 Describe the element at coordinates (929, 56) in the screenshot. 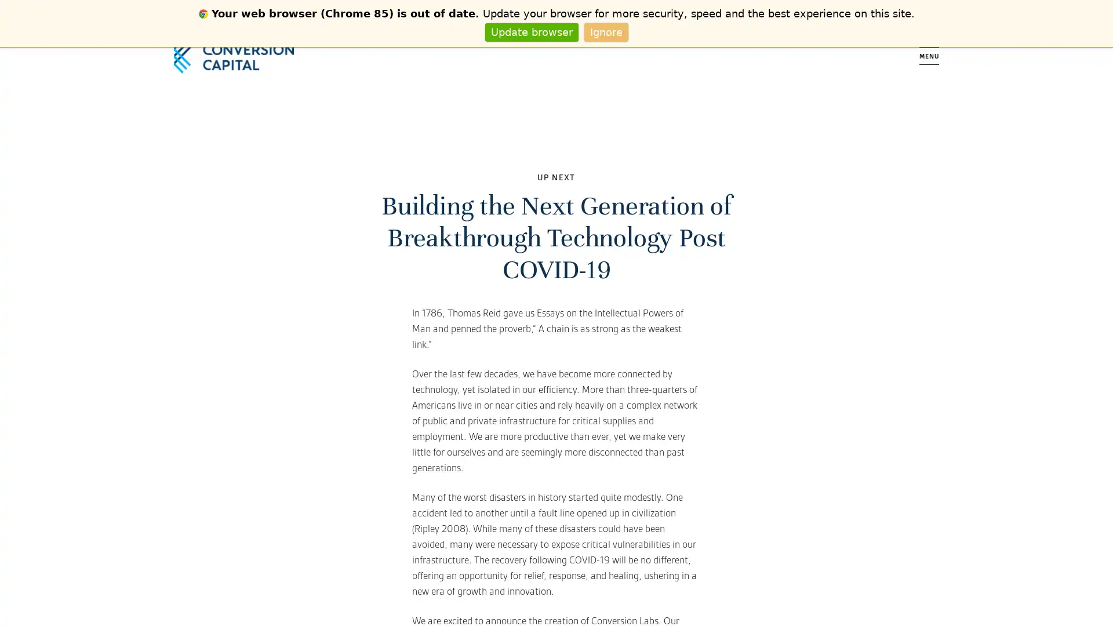

I see `MENU` at that location.